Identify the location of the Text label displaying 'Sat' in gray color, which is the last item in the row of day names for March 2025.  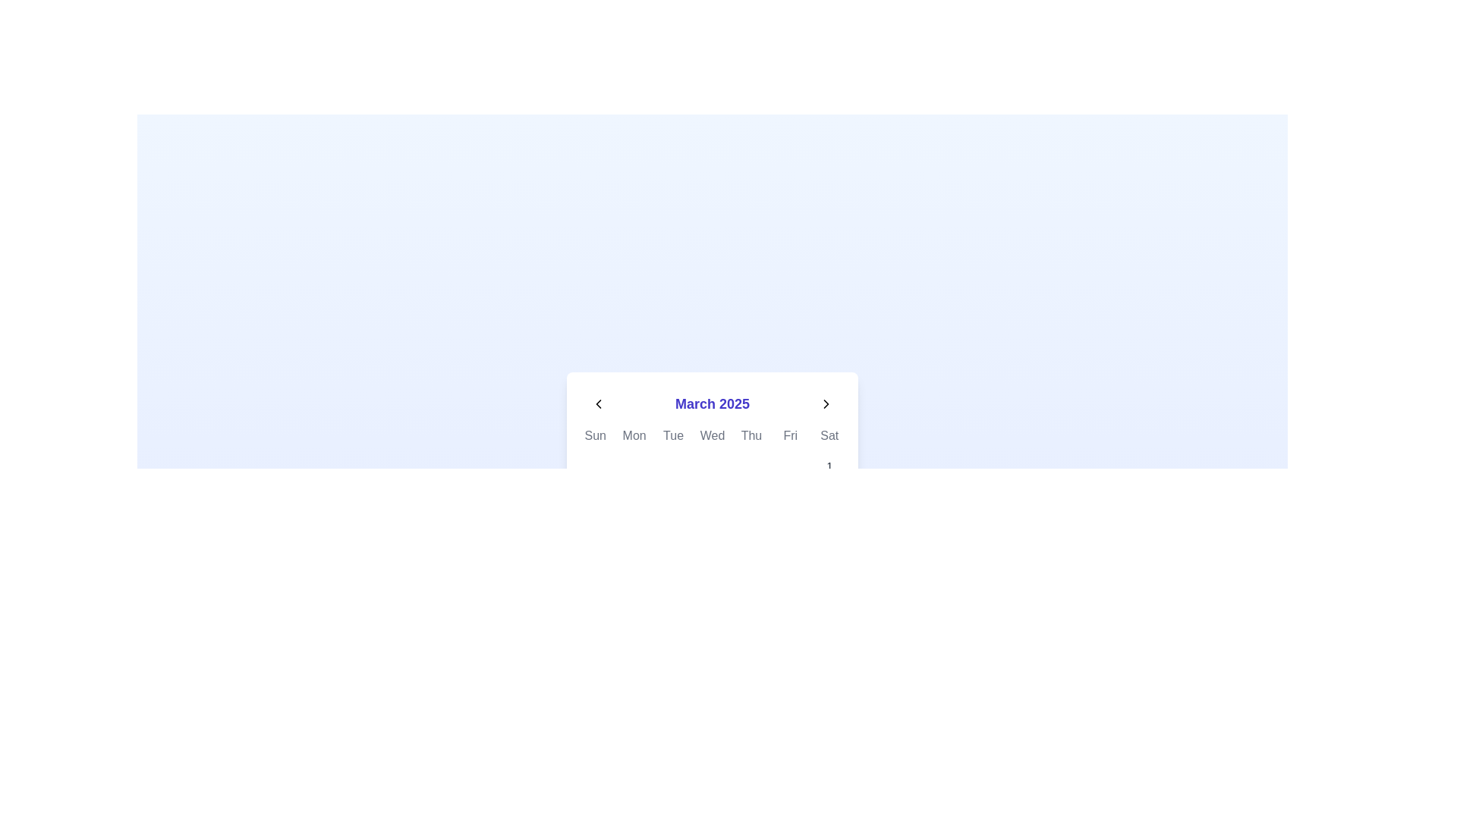
(829, 435).